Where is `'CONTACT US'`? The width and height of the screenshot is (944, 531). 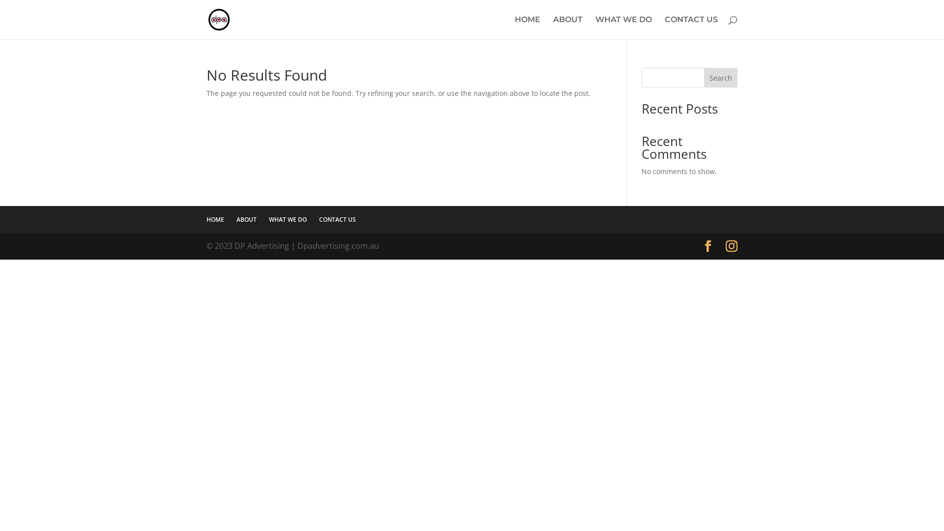
'CONTACT US' is located at coordinates (337, 219).